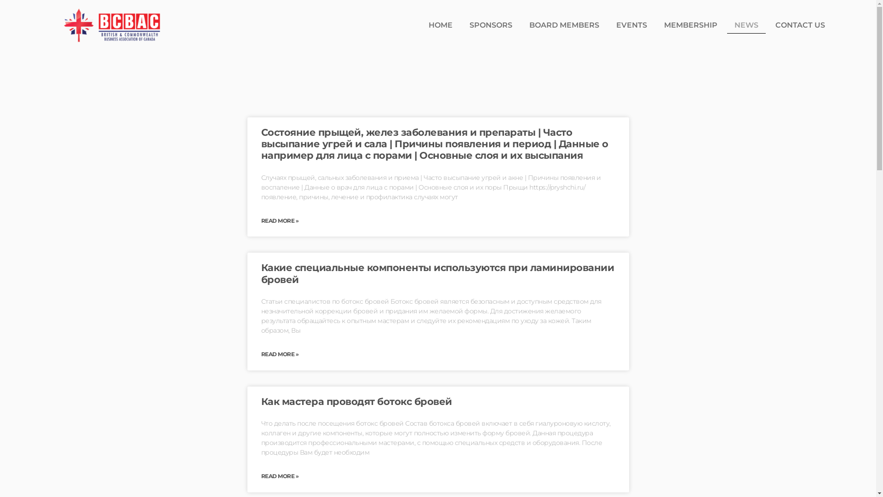 This screenshot has height=497, width=883. Describe the element at coordinates (799, 24) in the screenshot. I see `'CONTACT US'` at that location.